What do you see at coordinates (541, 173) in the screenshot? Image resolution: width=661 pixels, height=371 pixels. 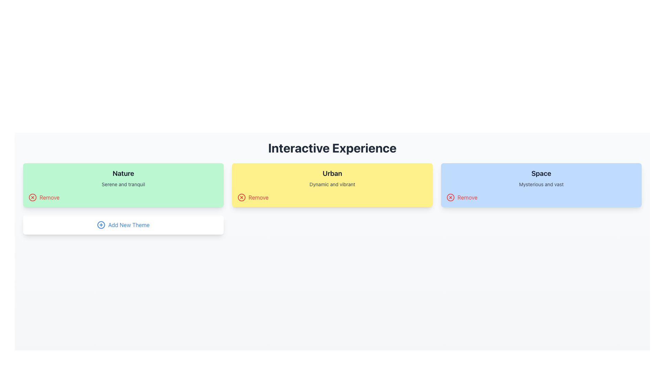 I see `the text label containing 'Space' styled in bold, large, black font against a light blue background, located at the top center of the rightmost card in a three-card layout` at bounding box center [541, 173].